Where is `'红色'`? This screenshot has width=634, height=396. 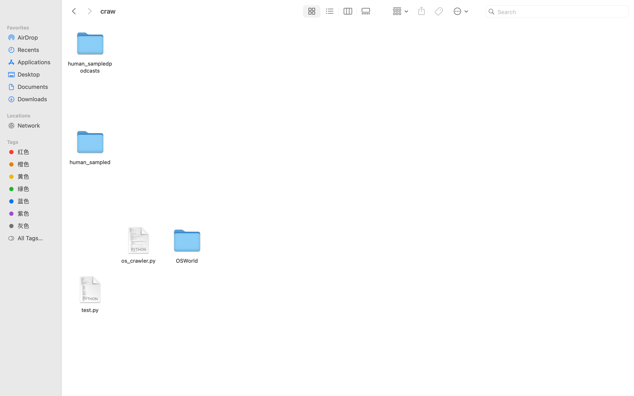 '红色' is located at coordinates (35, 151).